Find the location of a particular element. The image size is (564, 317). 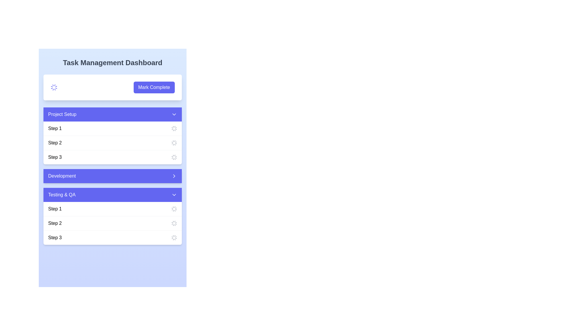

the navigation button located below the 'Project Setup' section and above the 'Testing & QA' section is located at coordinates (113, 176).